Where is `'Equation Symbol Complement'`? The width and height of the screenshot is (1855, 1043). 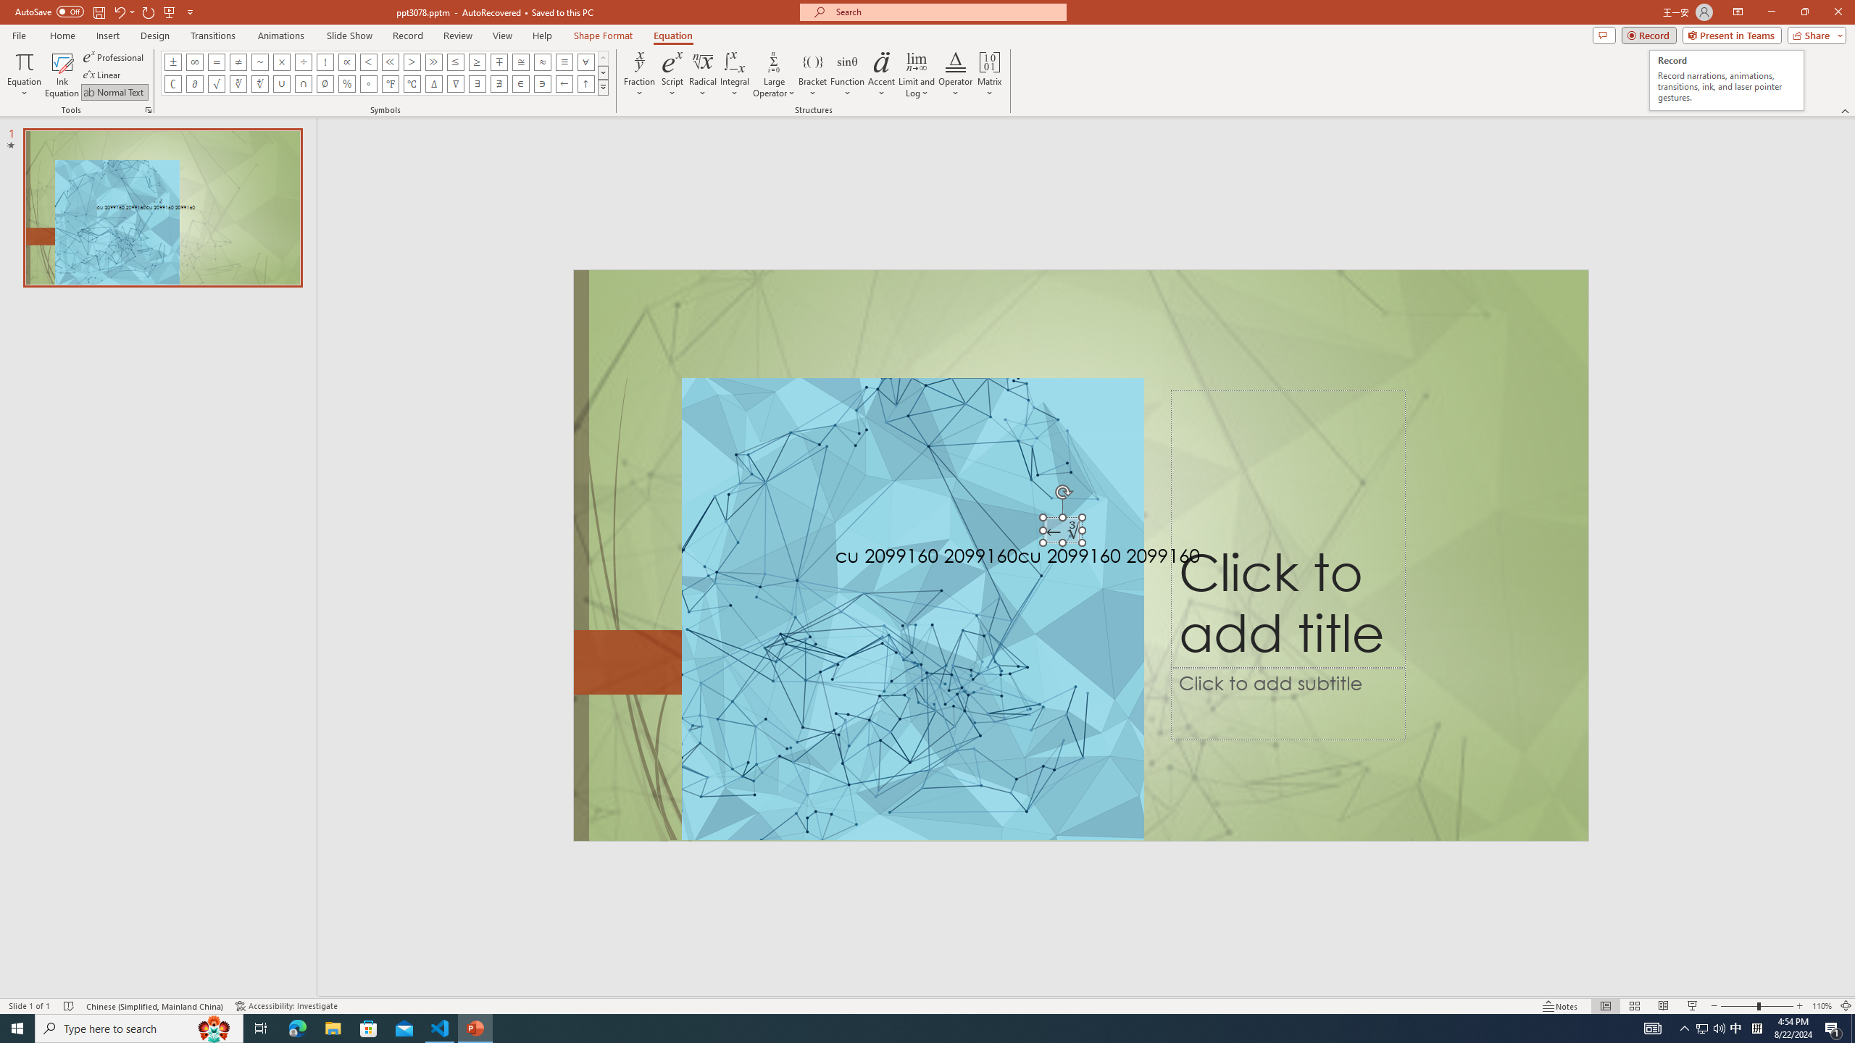 'Equation Symbol Complement' is located at coordinates (173, 83).